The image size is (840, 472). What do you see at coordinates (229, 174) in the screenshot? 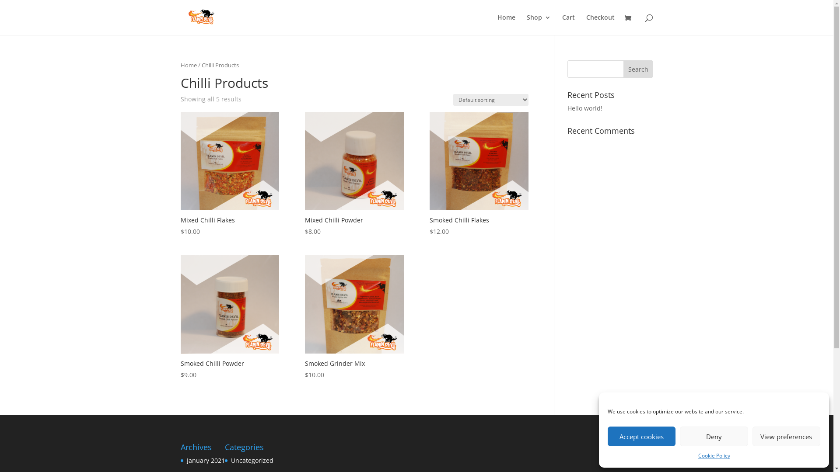
I see `'Mixed Chilli Flakes` at bounding box center [229, 174].